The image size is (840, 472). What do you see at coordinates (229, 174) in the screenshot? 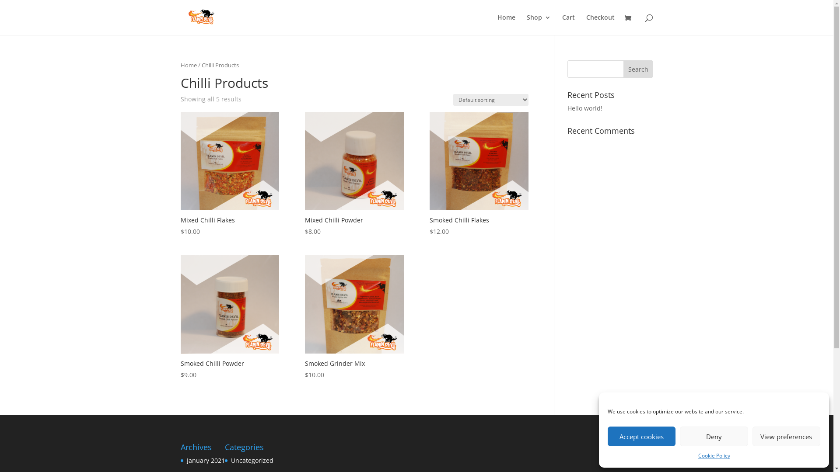
I see `'Mixed Chilli Flakes` at bounding box center [229, 174].